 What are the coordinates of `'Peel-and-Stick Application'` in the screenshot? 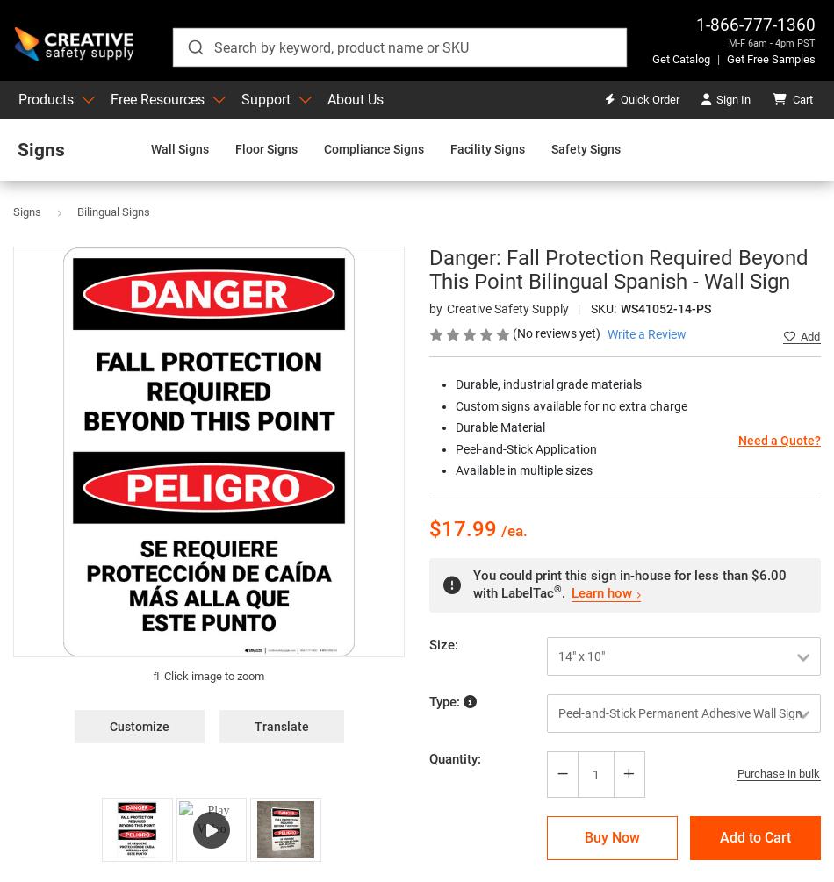 It's located at (455, 448).